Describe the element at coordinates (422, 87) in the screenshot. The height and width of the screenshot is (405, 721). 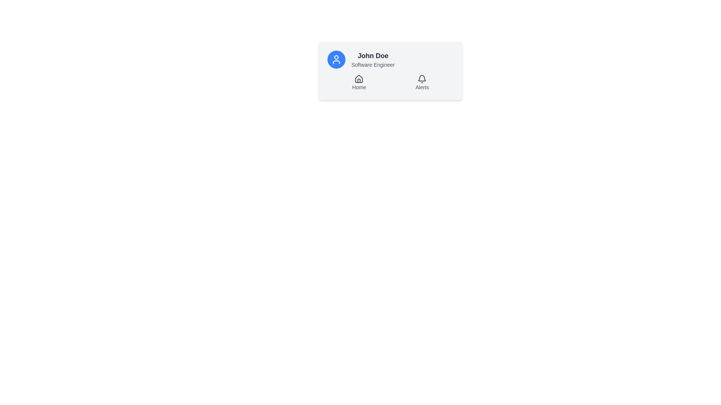
I see `the non-interactive text label 'Alerts' that identifies the function of the bell icon, which is located within a user information card` at that location.